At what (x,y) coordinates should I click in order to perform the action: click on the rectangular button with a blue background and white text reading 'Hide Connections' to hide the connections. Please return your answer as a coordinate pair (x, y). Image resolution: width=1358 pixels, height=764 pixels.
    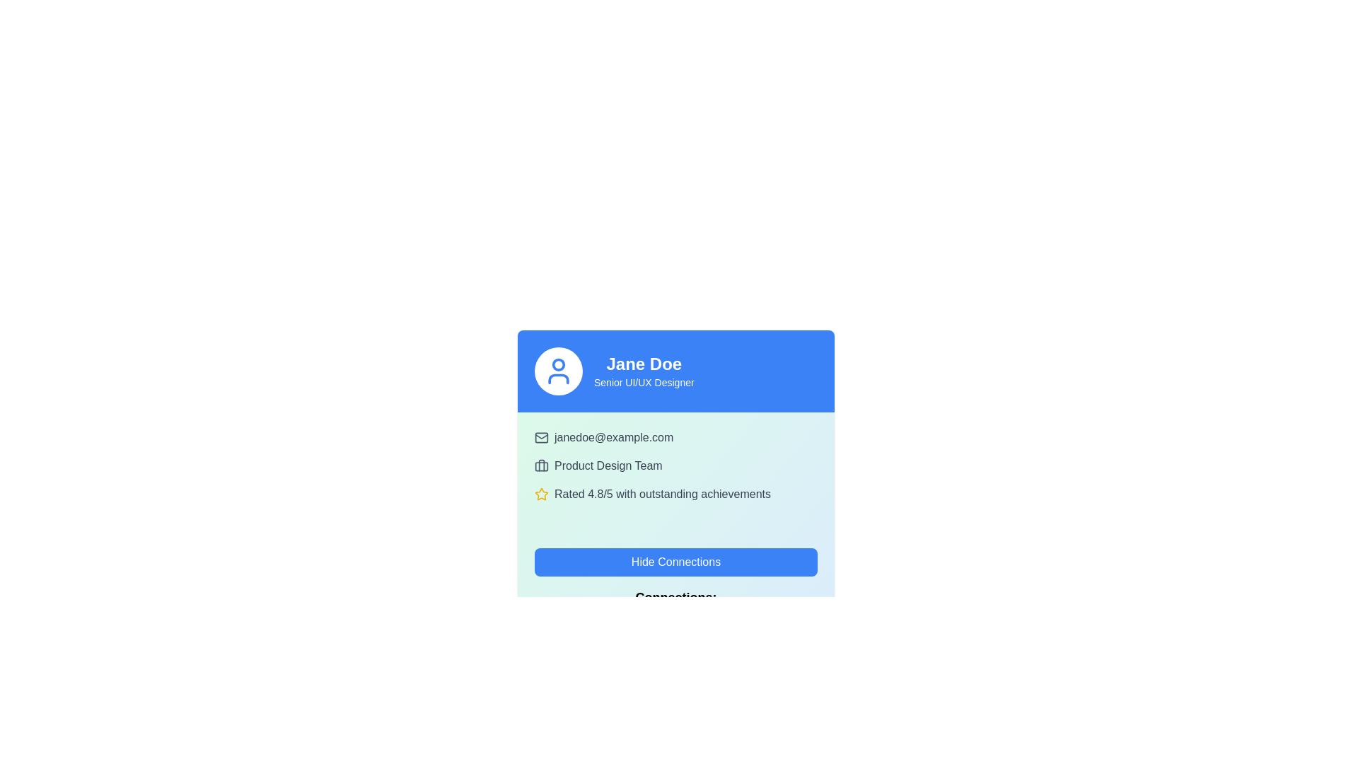
    Looking at the image, I should click on (675, 561).